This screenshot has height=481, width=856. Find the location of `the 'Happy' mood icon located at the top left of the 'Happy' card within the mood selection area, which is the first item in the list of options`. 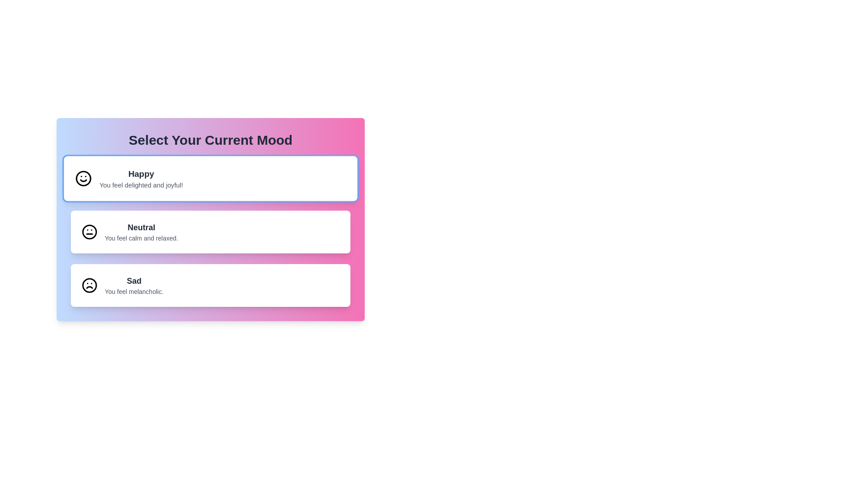

the 'Happy' mood icon located at the top left of the 'Happy' card within the mood selection area, which is the first item in the list of options is located at coordinates (83, 179).